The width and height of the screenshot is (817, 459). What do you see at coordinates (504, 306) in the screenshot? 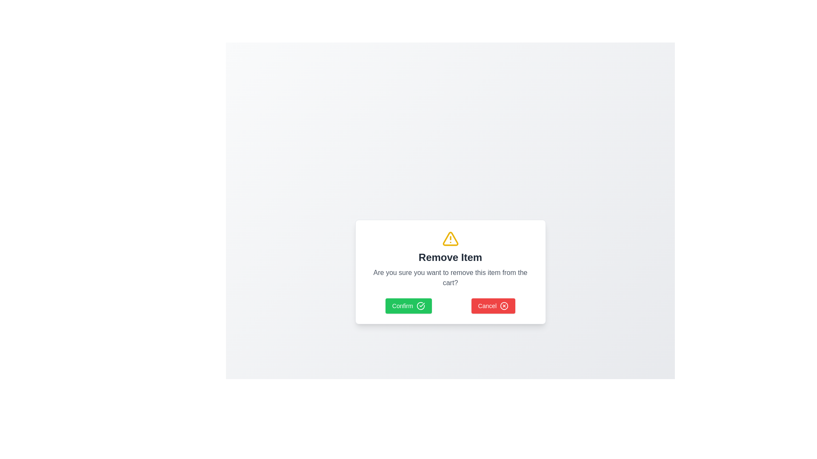
I see `the cancel icon located to the right of the 'Cancel' button text within a red-colored rounded button at the bottom-right of the modal prompting for item removal` at bounding box center [504, 306].